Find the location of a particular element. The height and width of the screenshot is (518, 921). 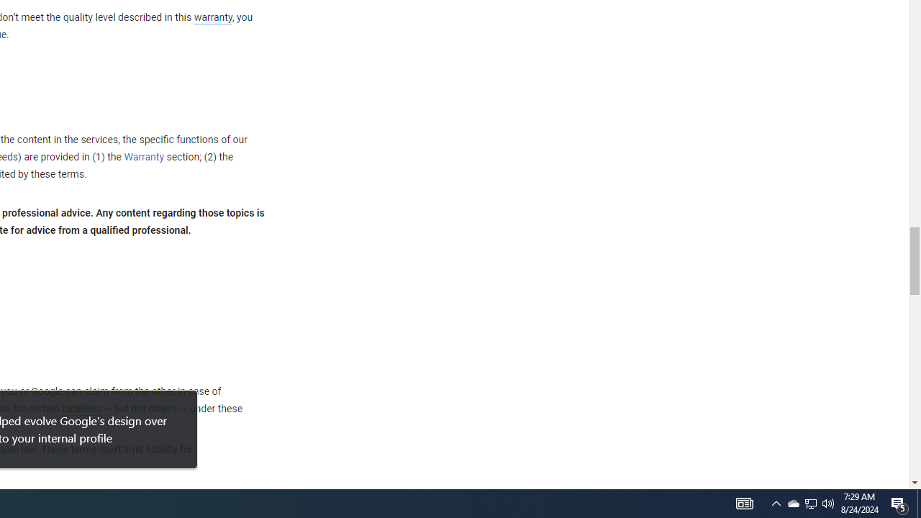

'warranty' is located at coordinates (212, 18).